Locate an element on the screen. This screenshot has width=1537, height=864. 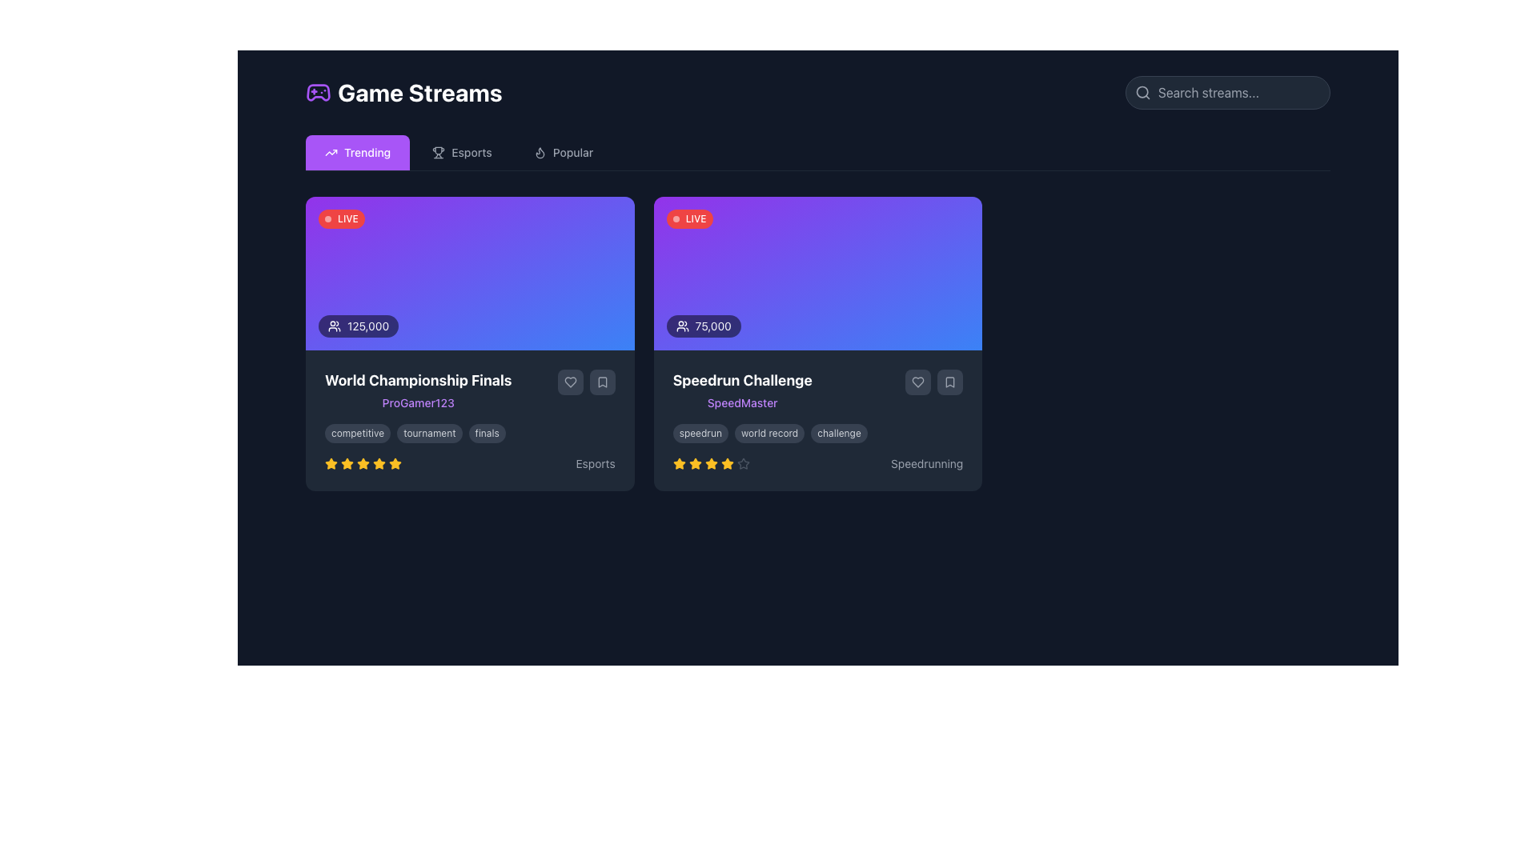
the text label displaying 'Esports' located at the bottom-right corner of the World Championship Finals card is located at coordinates (595, 463).